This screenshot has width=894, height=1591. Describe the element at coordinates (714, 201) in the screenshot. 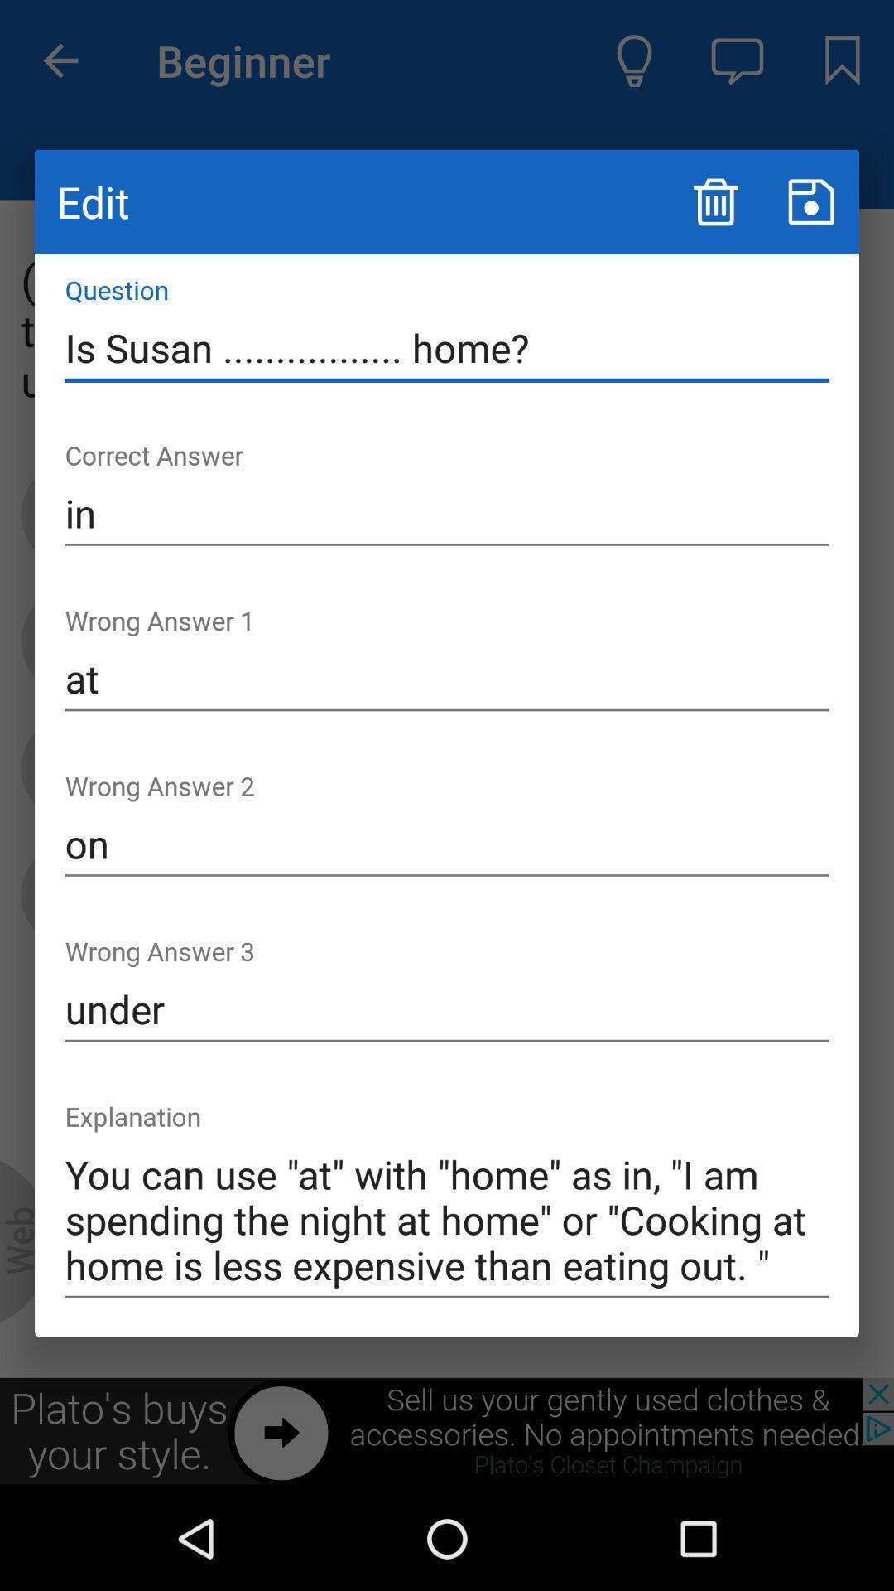

I see `icon next to the edit item` at that location.